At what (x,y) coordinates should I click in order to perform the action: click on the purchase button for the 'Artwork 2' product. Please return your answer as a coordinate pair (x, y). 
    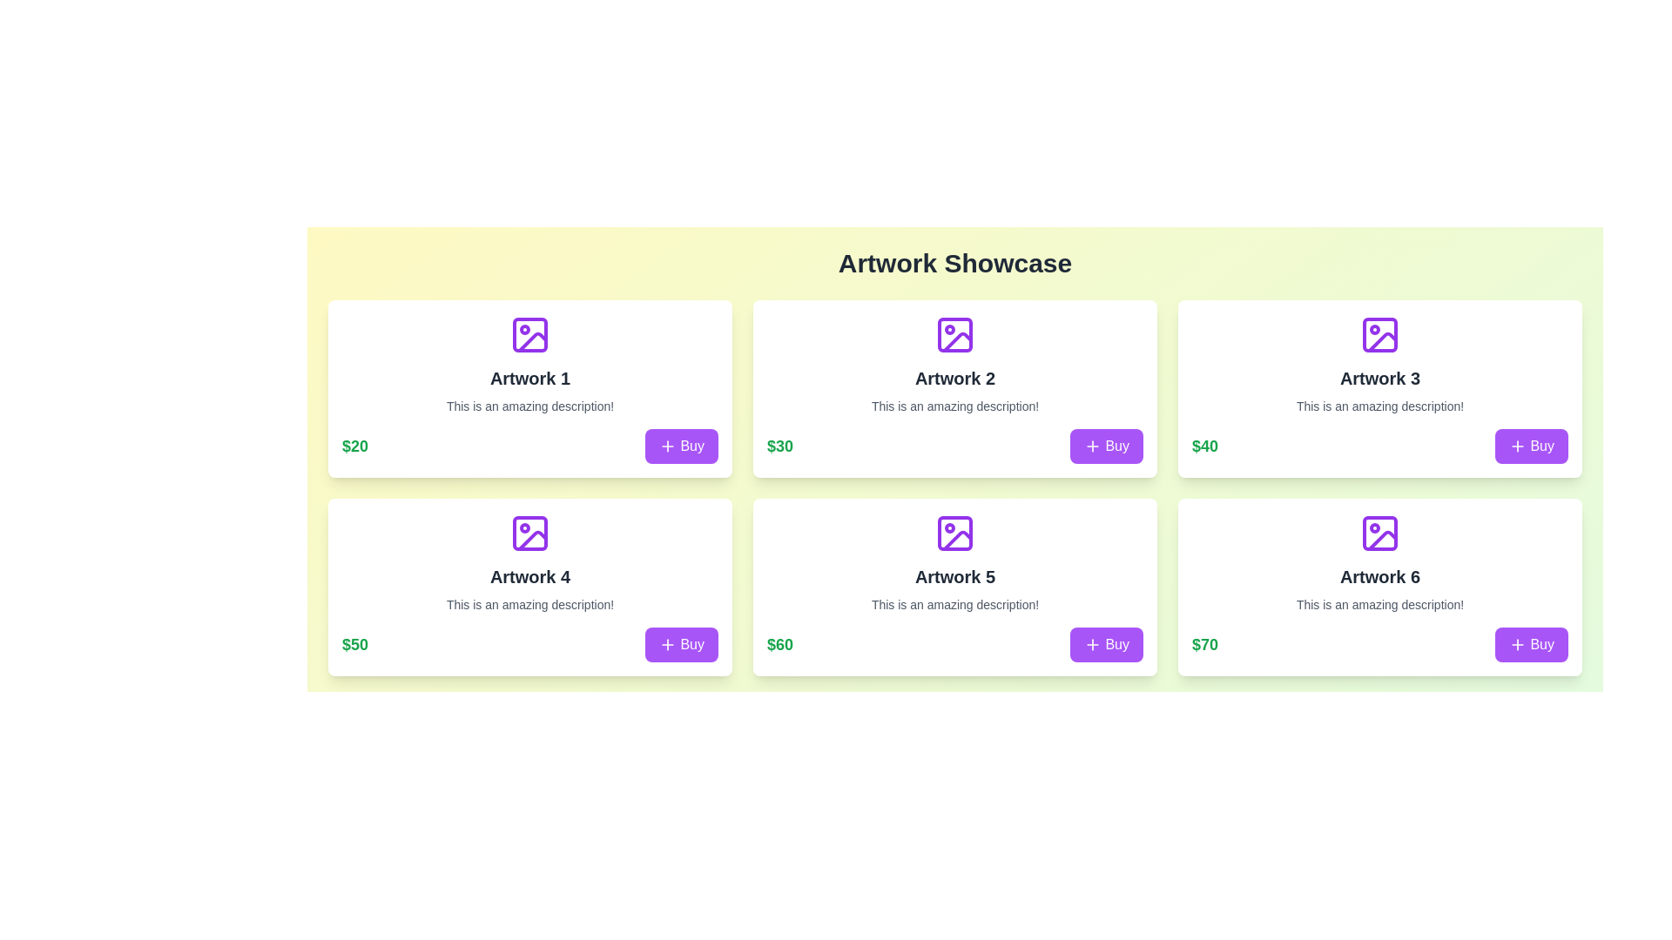
    Looking at the image, I should click on (1106, 446).